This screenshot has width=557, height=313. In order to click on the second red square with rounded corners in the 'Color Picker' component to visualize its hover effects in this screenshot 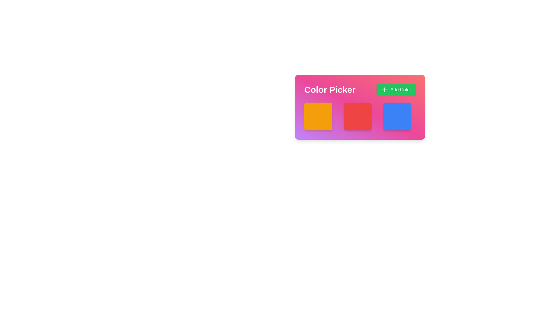, I will do `click(357, 116)`.